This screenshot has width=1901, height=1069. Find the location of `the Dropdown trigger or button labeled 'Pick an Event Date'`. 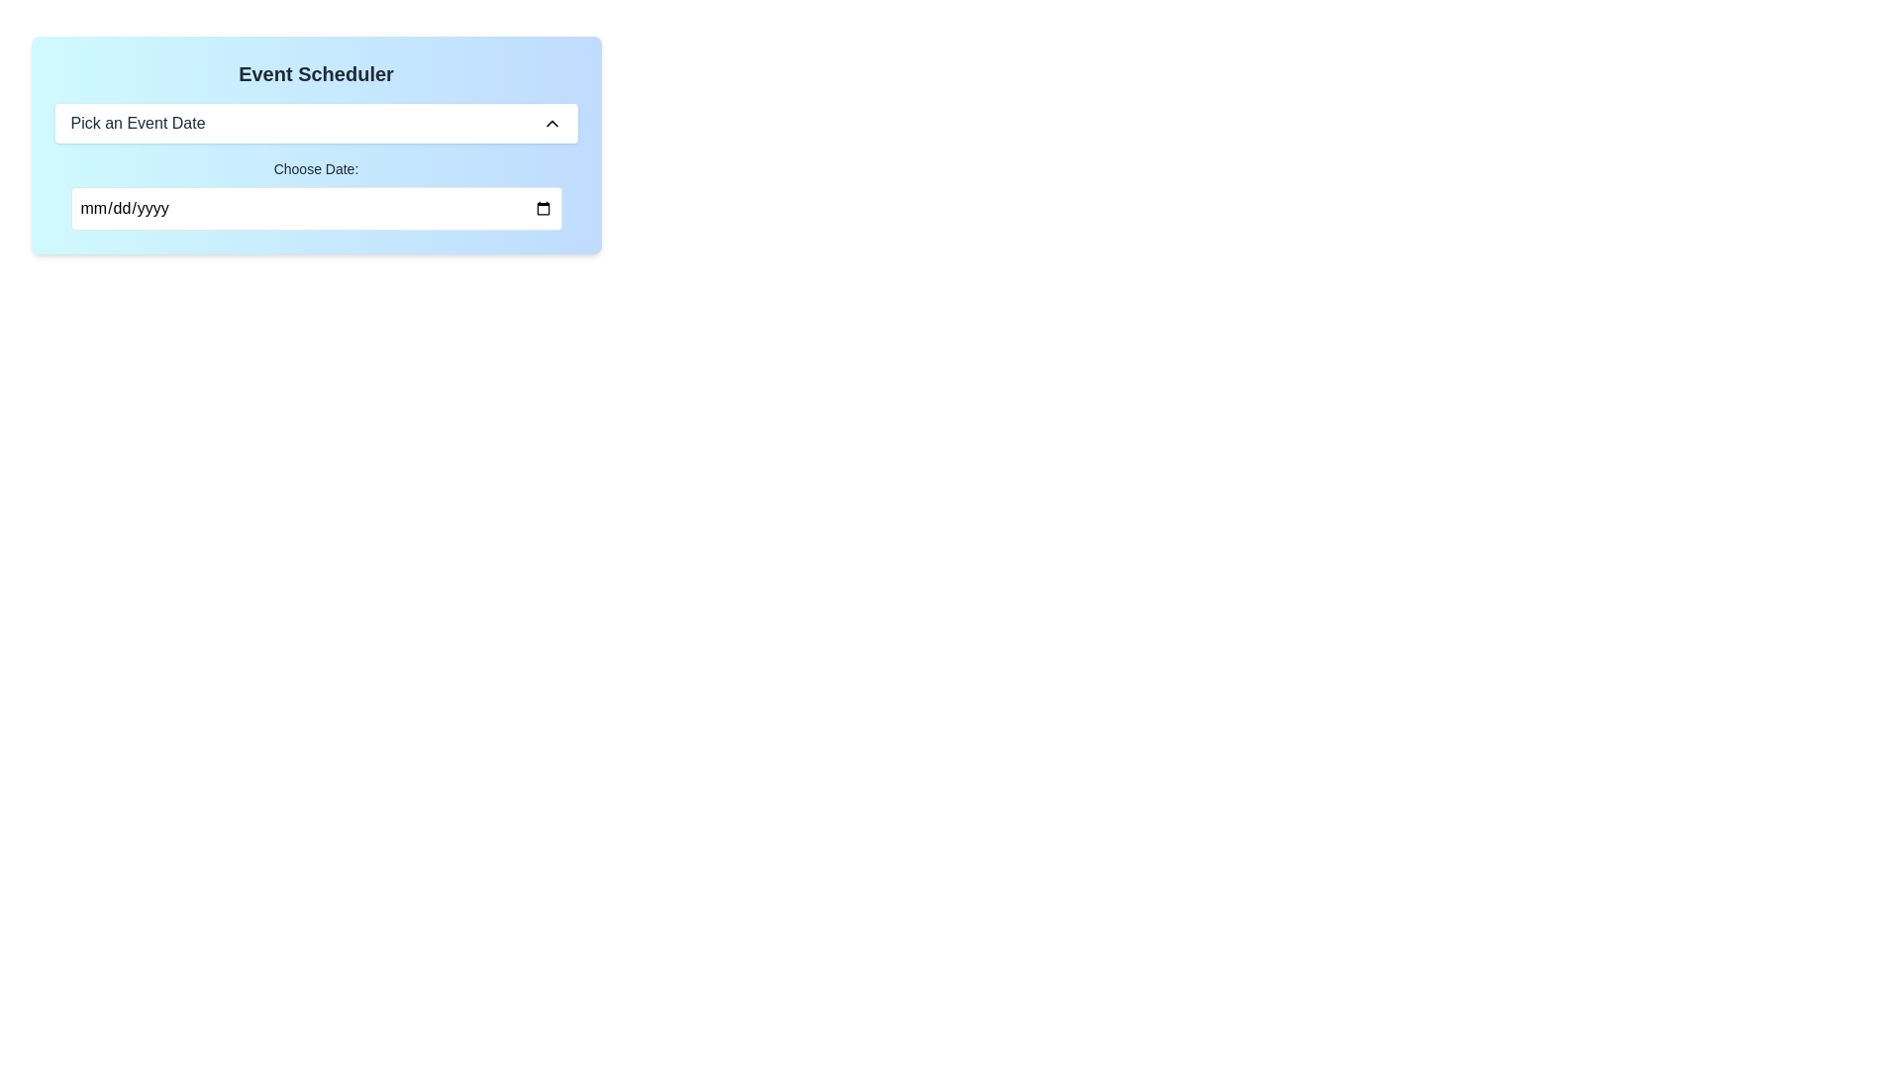

the Dropdown trigger or button labeled 'Pick an Event Date' is located at coordinates (315, 123).